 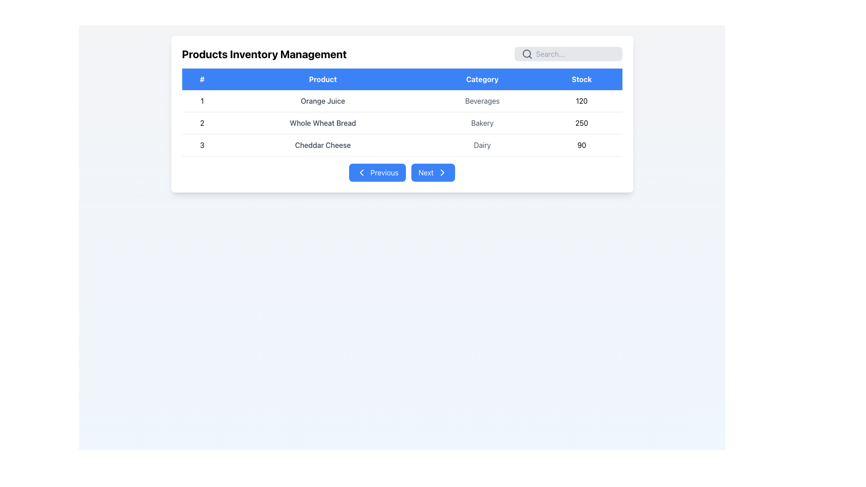 I want to click on the navigation button, which is the second button from the left in a horizontal group of two buttons below the main content table, so click(x=433, y=172).